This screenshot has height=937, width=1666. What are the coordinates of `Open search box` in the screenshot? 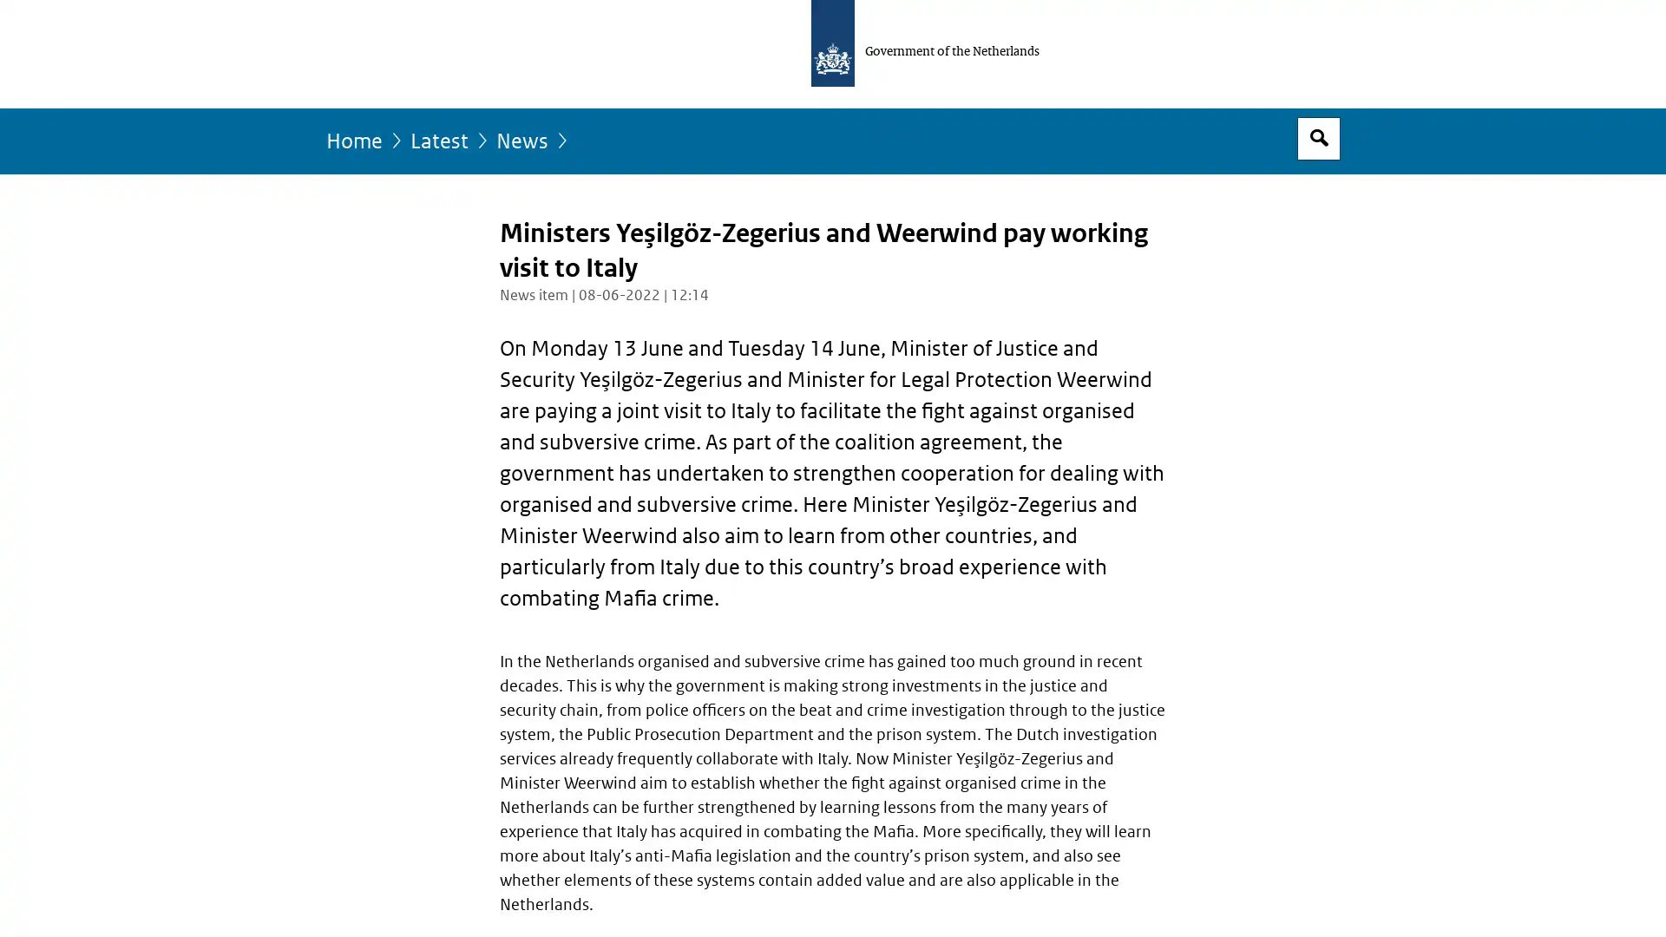 It's located at (1319, 137).